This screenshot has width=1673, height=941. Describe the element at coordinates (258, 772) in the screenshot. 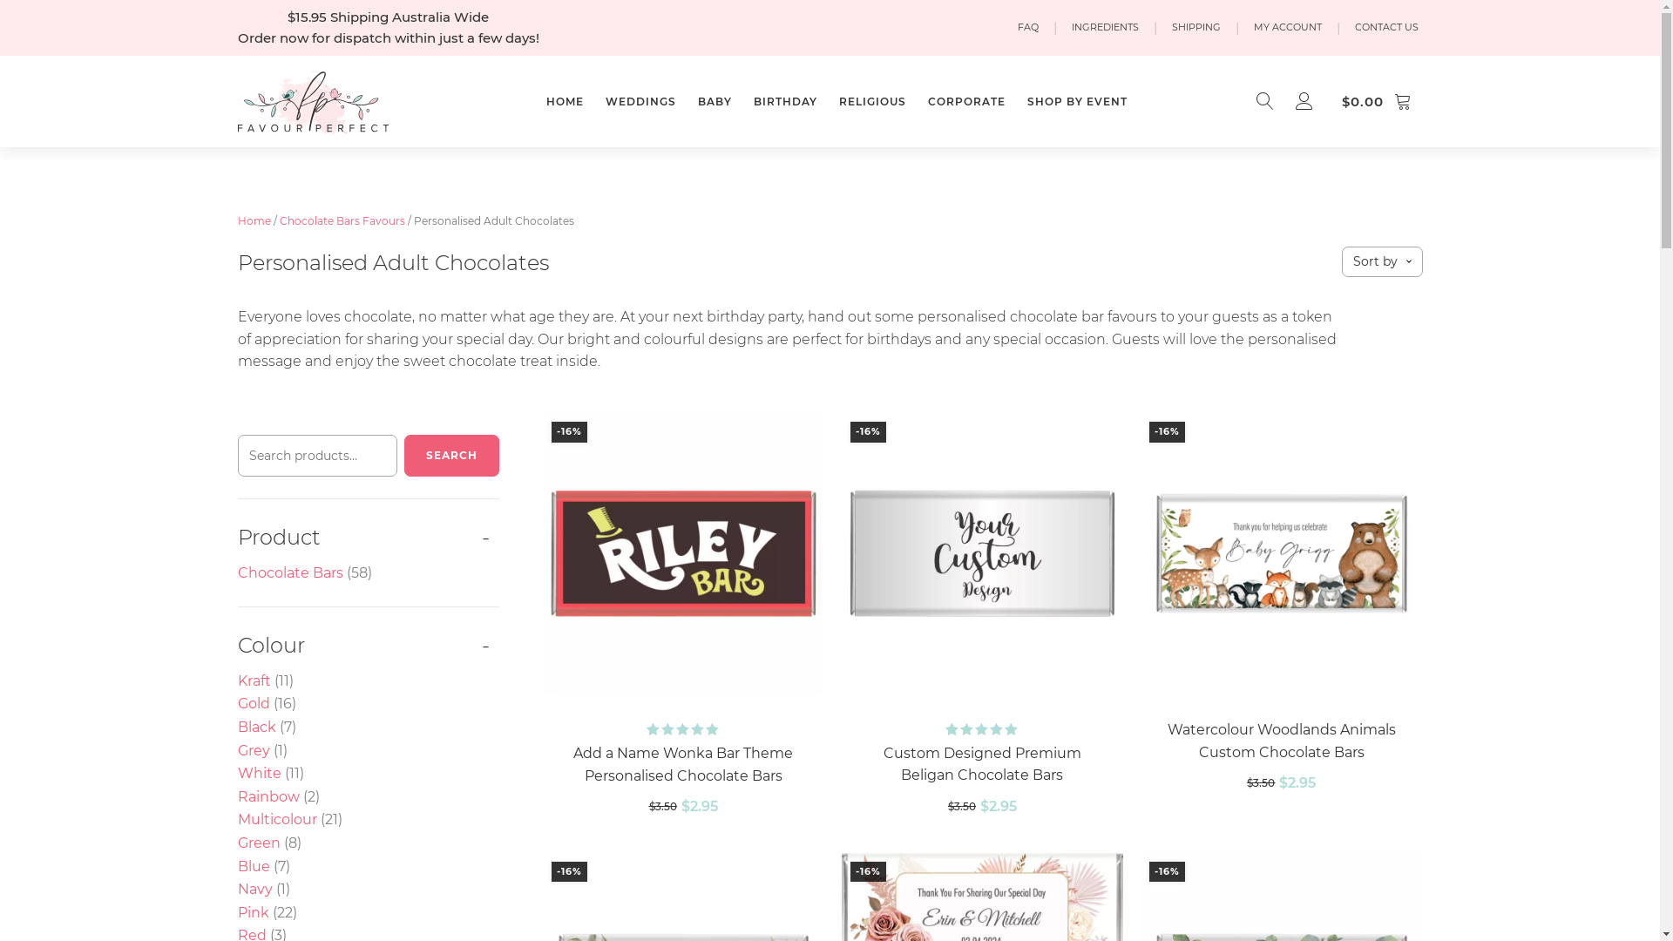

I see `'White'` at that location.